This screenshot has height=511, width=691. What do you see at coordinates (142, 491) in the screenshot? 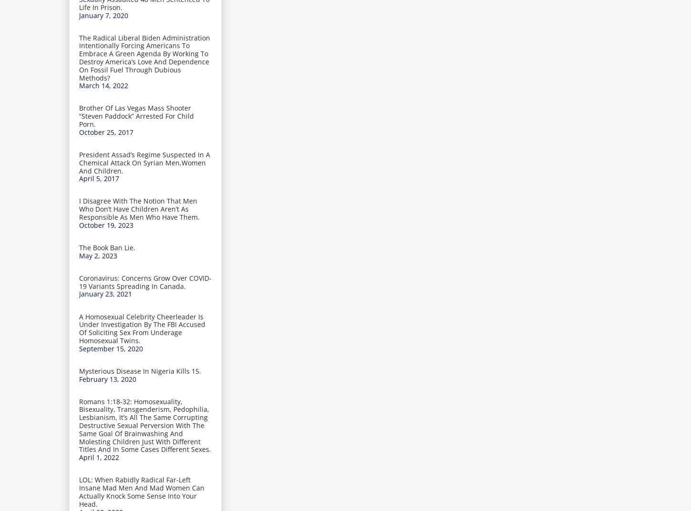
I see `'LOL: When Rabidly Radical Far-Left Insane Mad Men And Mad Women Can Actually Knock Some Sense Into Your Head.'` at bounding box center [142, 491].